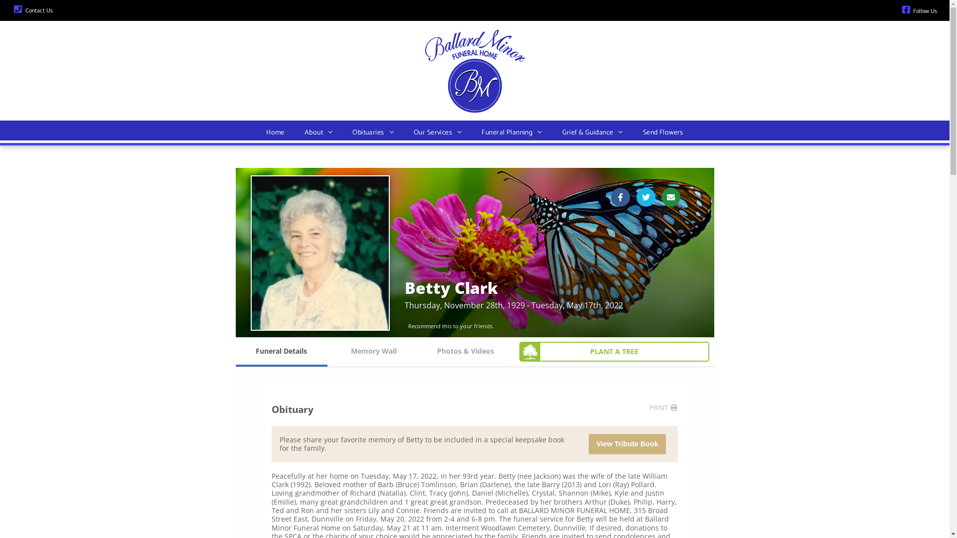  Describe the element at coordinates (471, 132) in the screenshot. I see `'Funeral Planning'` at that location.